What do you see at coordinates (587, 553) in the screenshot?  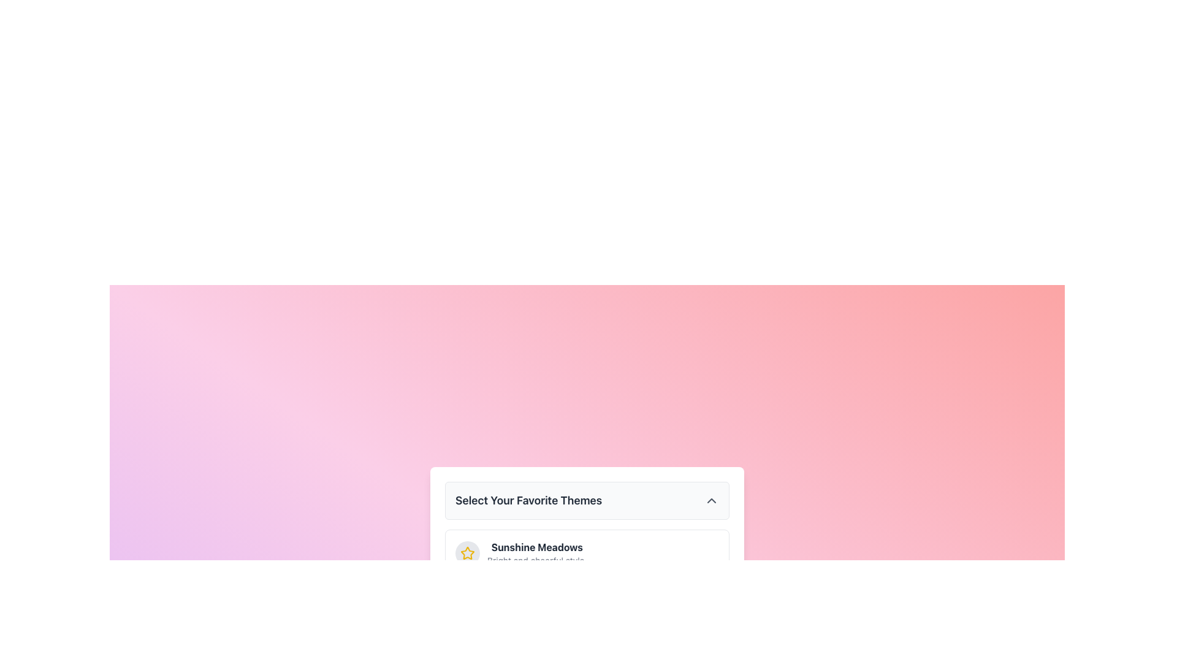 I see `the selectable theme item labeled 'Sunshine Meadows'` at bounding box center [587, 553].